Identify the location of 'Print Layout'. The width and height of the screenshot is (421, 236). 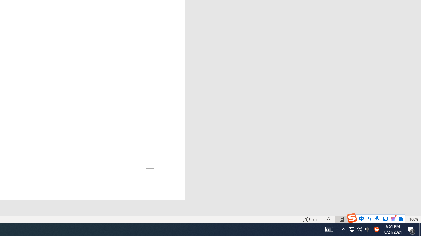
(342, 219).